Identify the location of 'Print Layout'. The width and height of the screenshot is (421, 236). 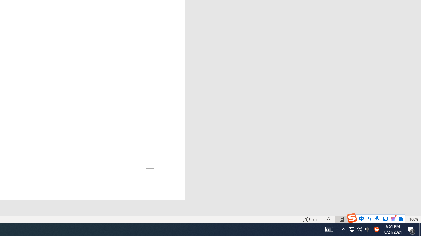
(342, 219).